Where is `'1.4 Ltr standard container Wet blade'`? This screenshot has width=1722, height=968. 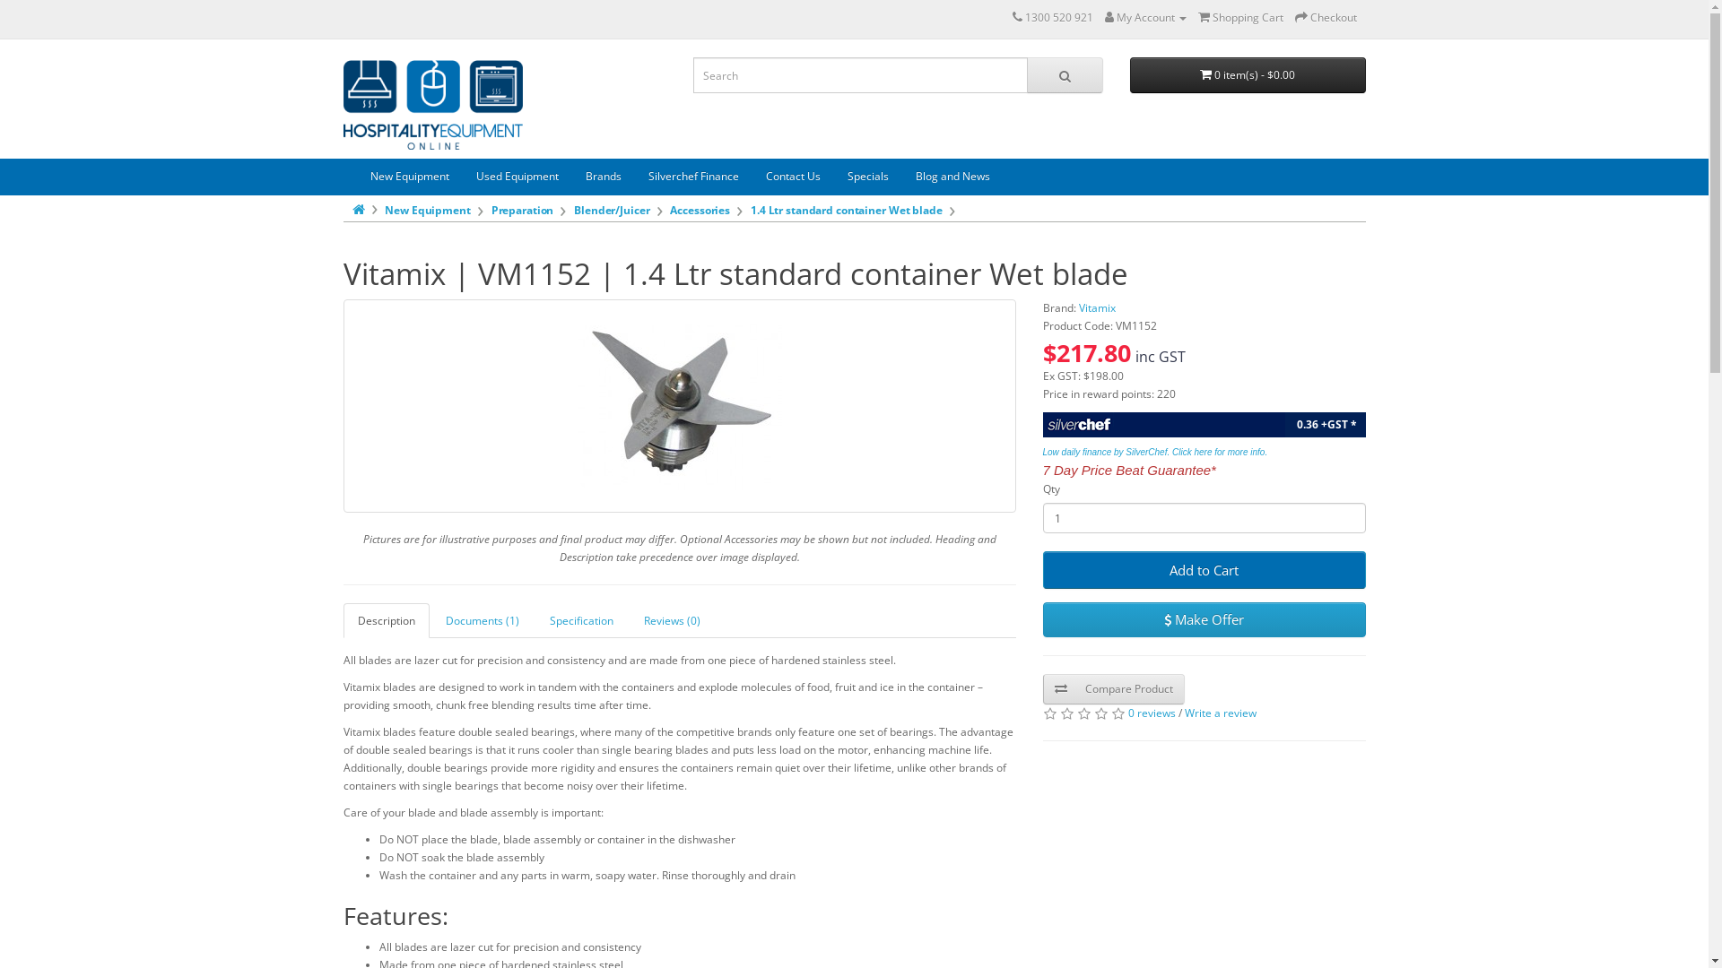
'1.4 Ltr standard container Wet blade' is located at coordinates (577, 405).